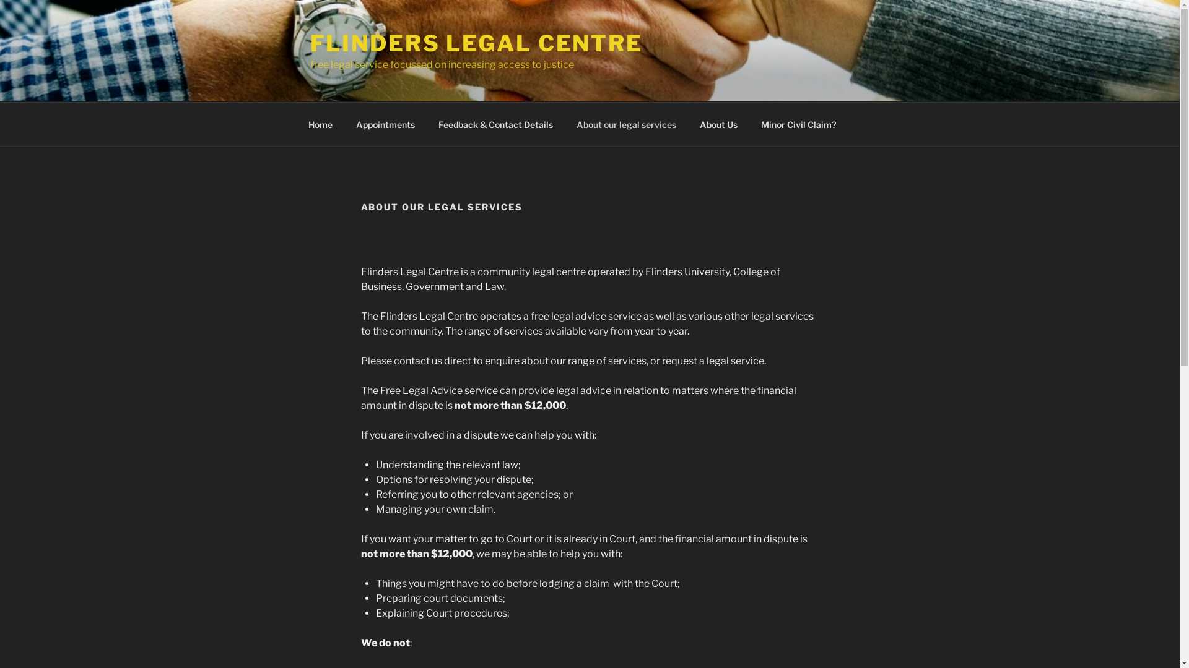 The height and width of the screenshot is (668, 1189). Describe the element at coordinates (320, 124) in the screenshot. I see `'Home'` at that location.